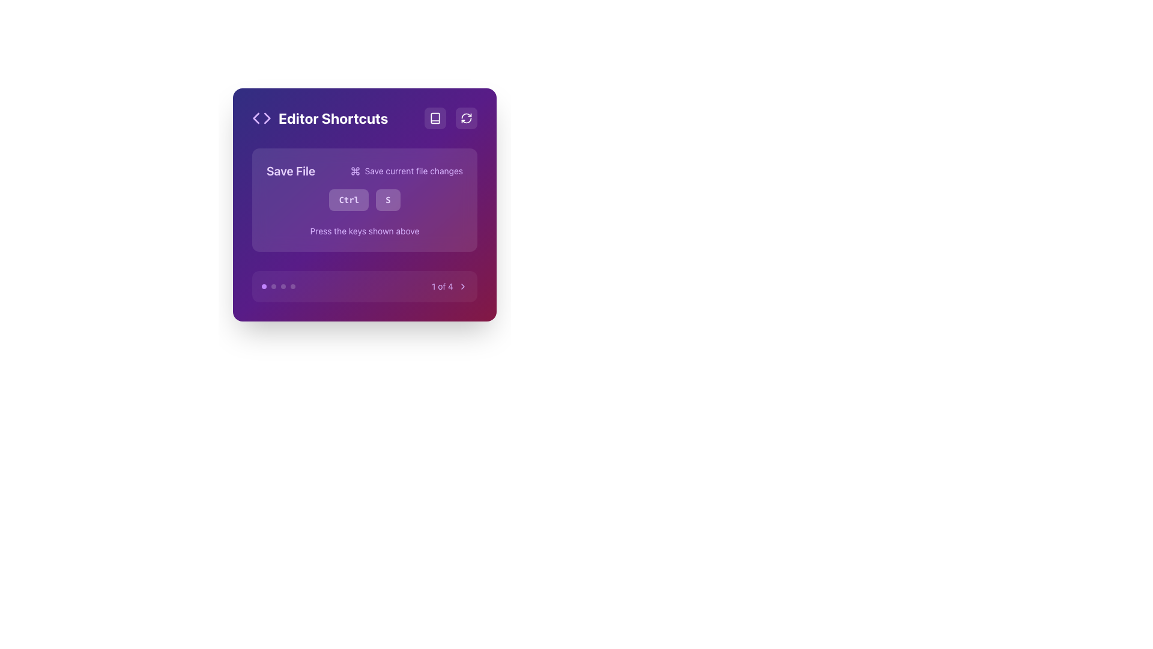  Describe the element at coordinates (434, 118) in the screenshot. I see `the book icon located near the top-right corner of the interface, next to the circular arrow icon and aligned with the 'Editor Shortcuts' header` at that location.